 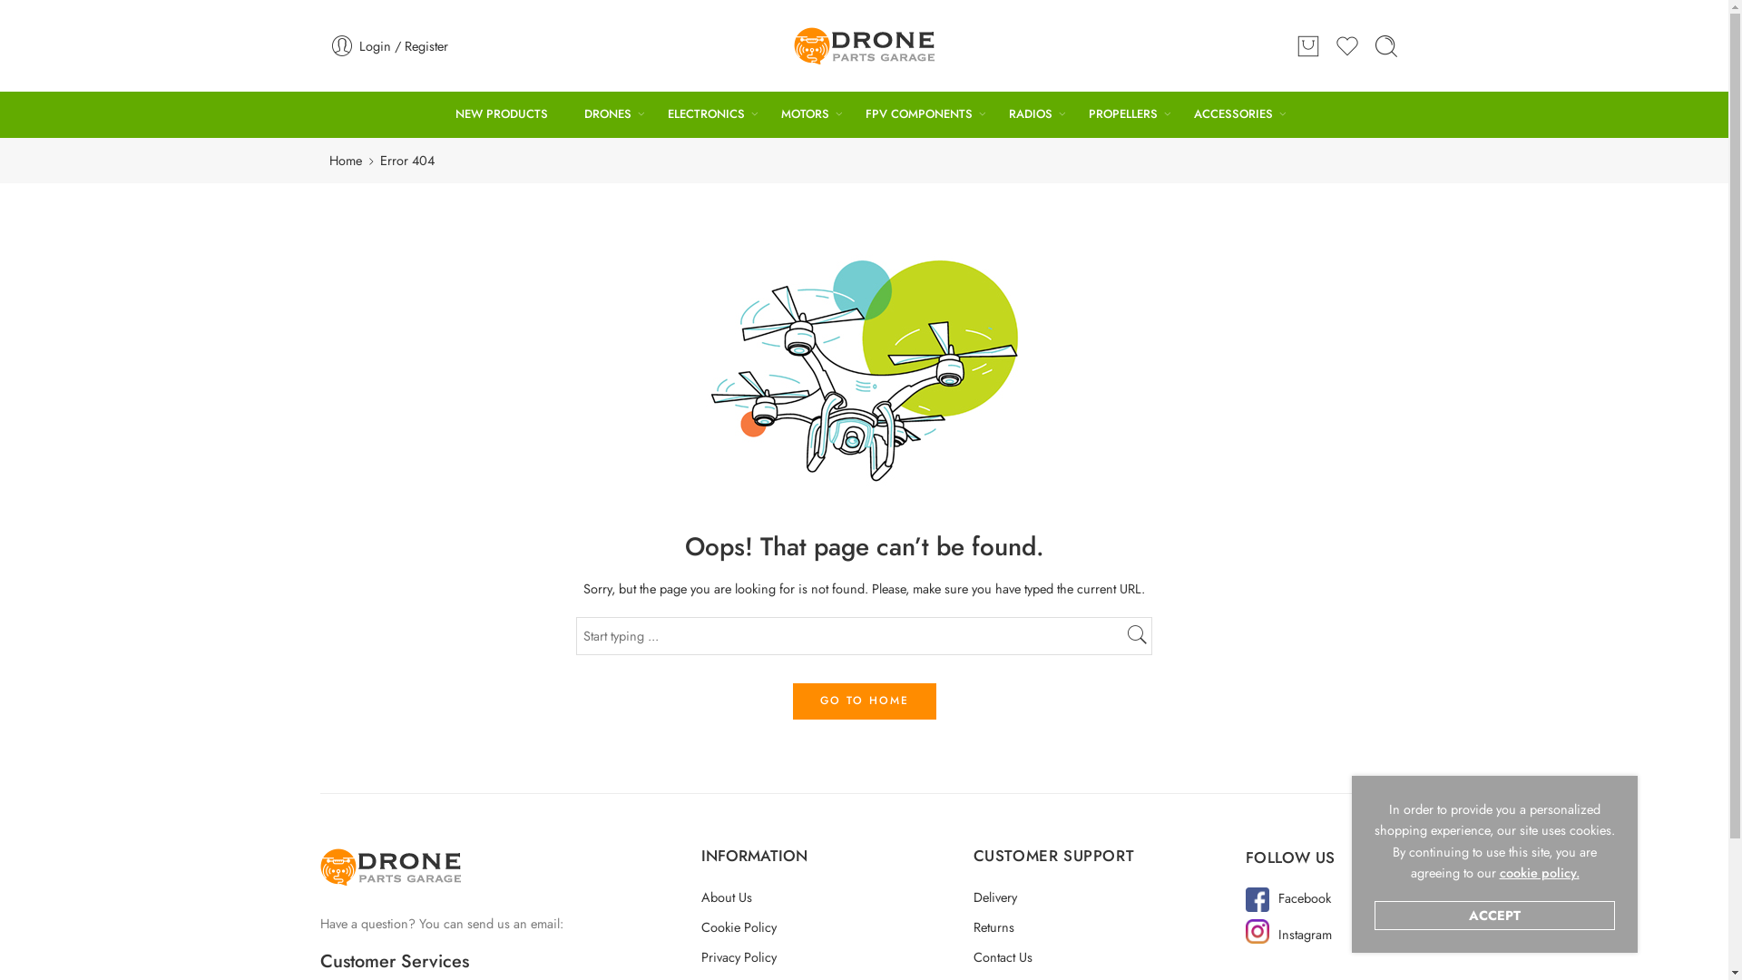 What do you see at coordinates (793, 44) in the screenshot?
I see `'Drone Parts Garage - Drone Parts Garage'` at bounding box center [793, 44].